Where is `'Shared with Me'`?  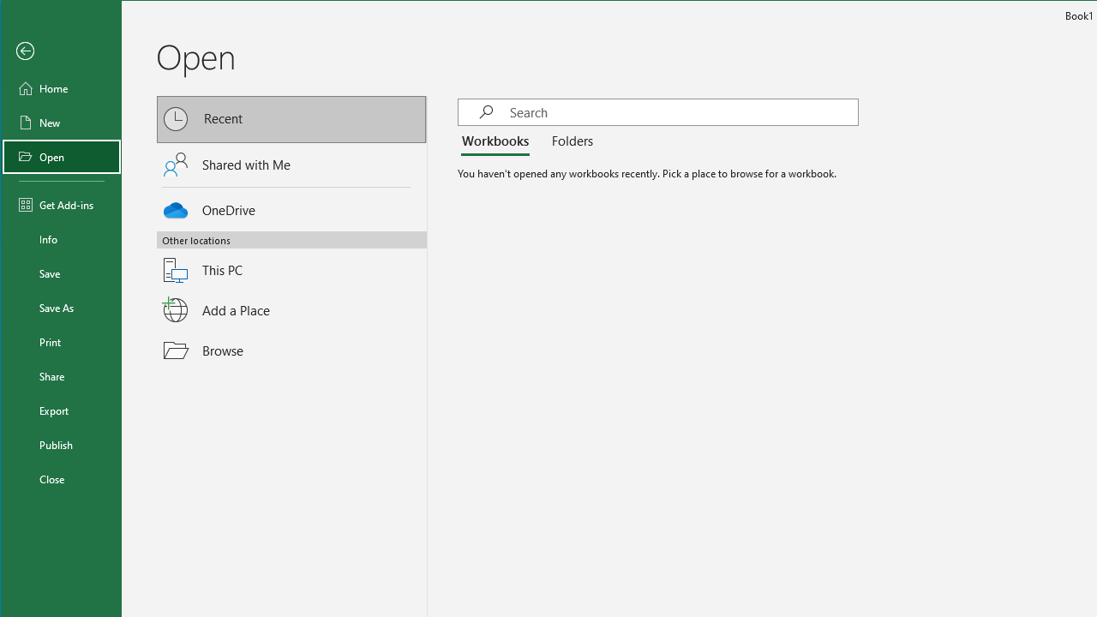
'Shared with Me' is located at coordinates (292, 164).